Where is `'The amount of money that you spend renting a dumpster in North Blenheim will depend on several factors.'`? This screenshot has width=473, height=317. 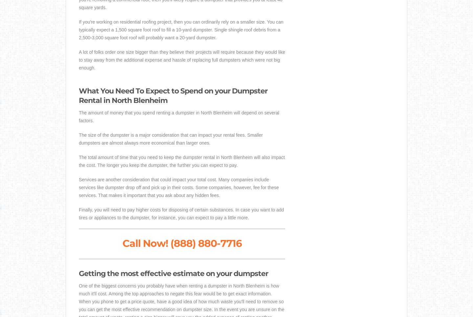 'The amount of money that you spend renting a dumpster in North Blenheim will depend on several factors.' is located at coordinates (179, 116).